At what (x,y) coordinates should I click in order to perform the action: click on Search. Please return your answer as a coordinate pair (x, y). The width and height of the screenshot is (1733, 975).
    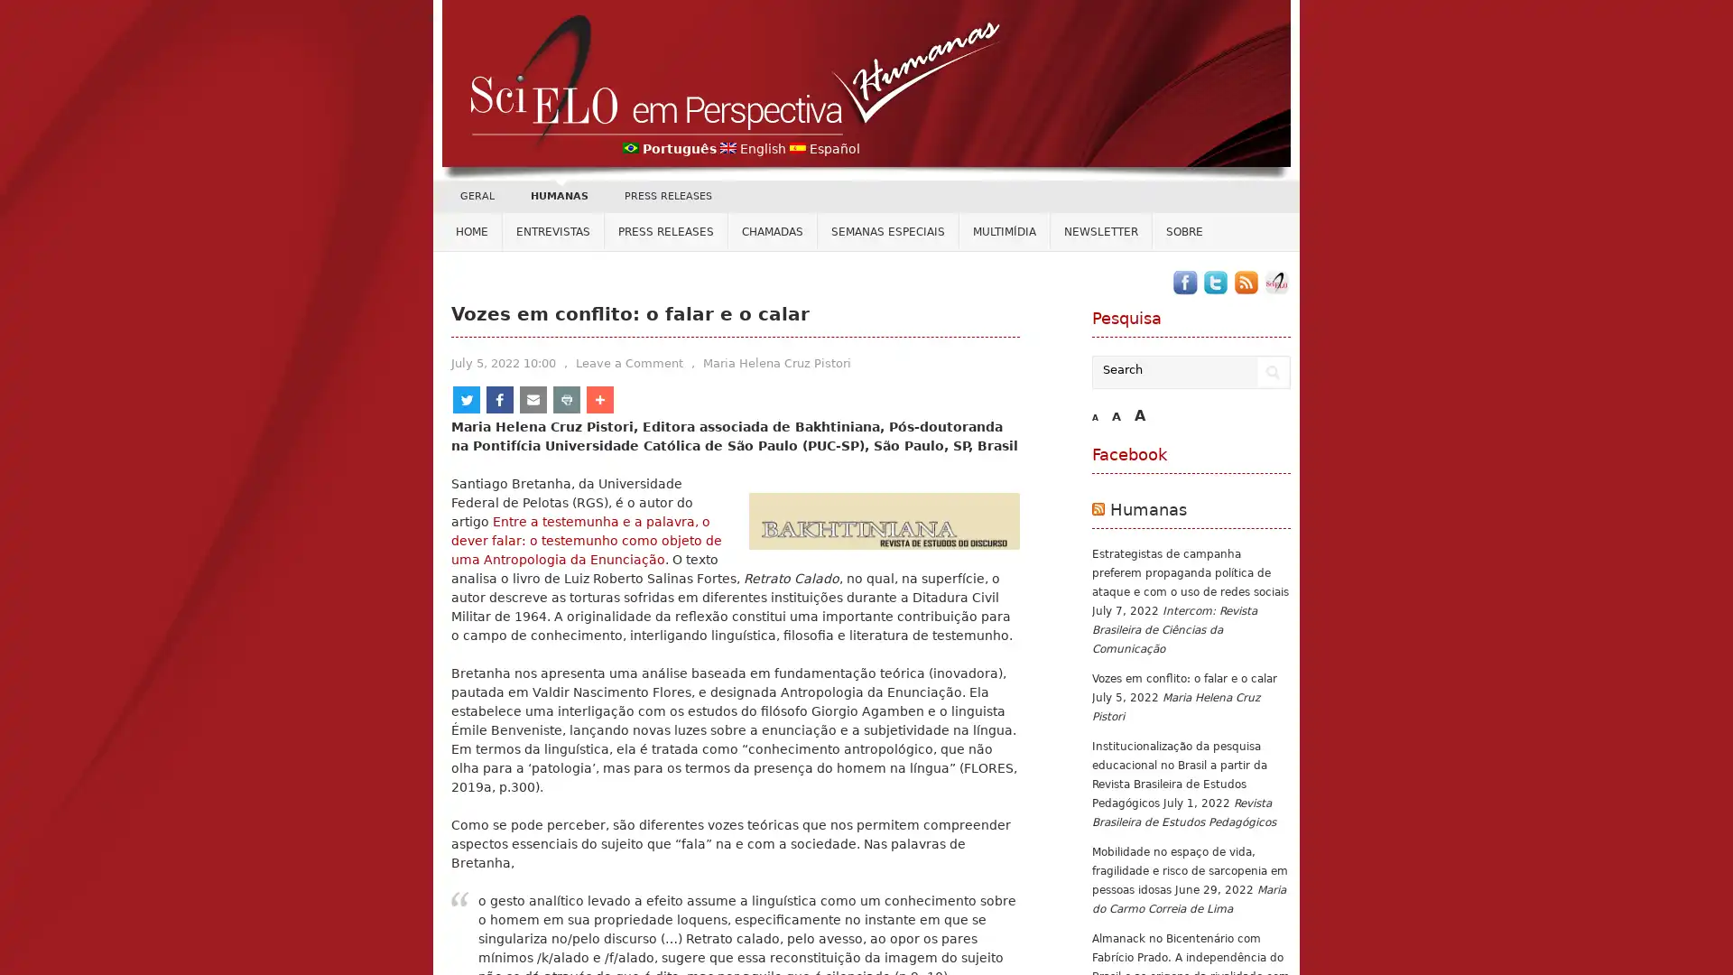
    Looking at the image, I should click on (1272, 371).